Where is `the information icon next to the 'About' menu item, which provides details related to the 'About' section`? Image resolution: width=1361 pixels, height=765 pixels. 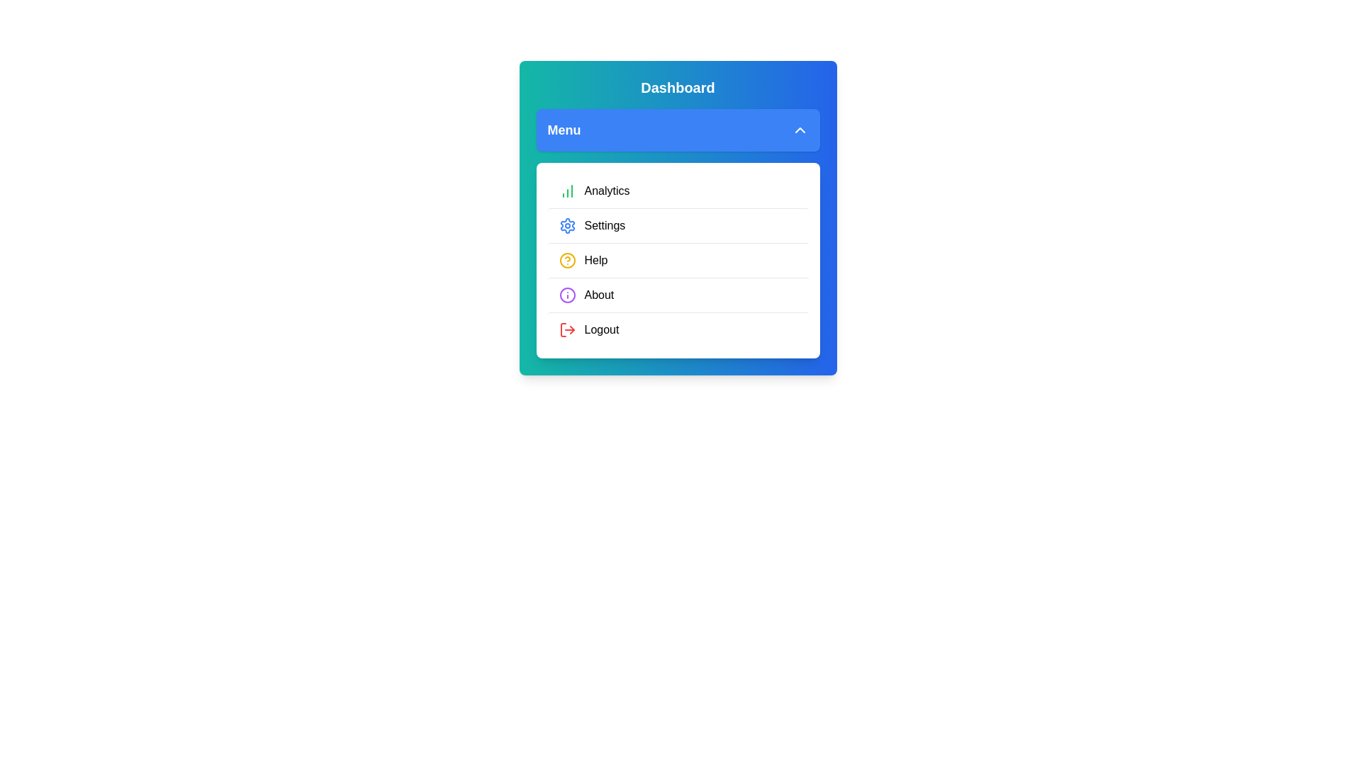
the information icon next to the 'About' menu item, which provides details related to the 'About' section is located at coordinates (567, 294).